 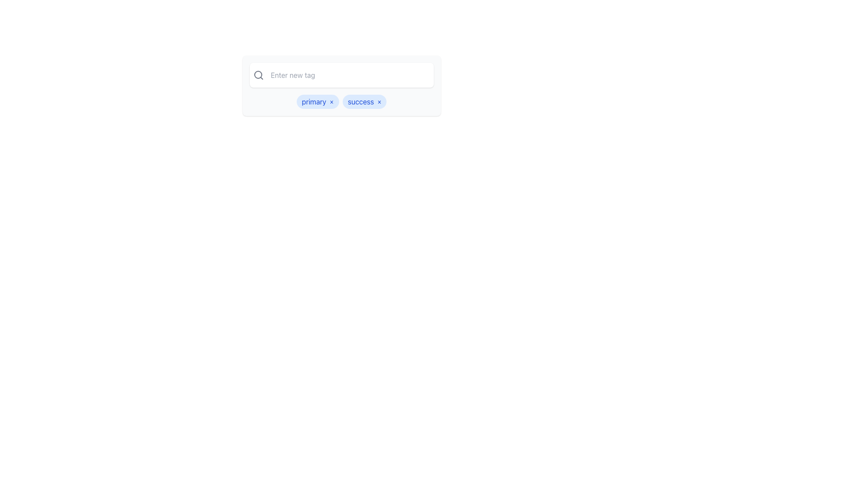 What do you see at coordinates (379, 101) in the screenshot?
I see `the close icon represented by the small text character '×' in a light blue rounded rectangular background, located at the far right of the label 'success×'` at bounding box center [379, 101].